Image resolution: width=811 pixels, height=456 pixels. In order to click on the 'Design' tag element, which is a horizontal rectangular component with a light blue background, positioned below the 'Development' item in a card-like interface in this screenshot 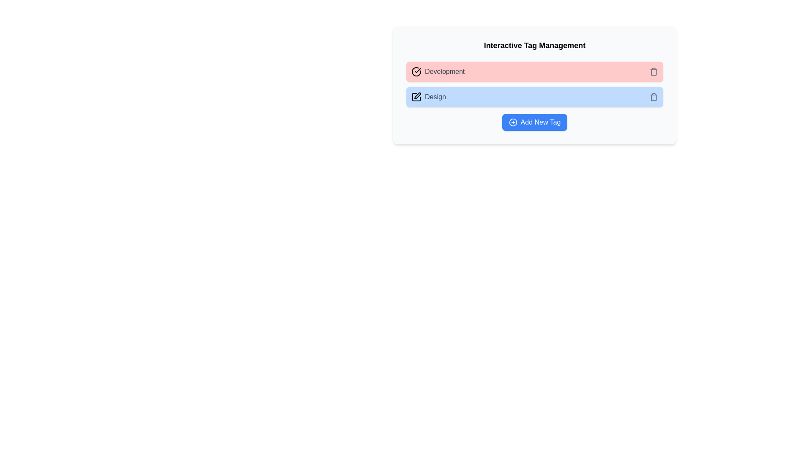, I will do `click(534, 85)`.